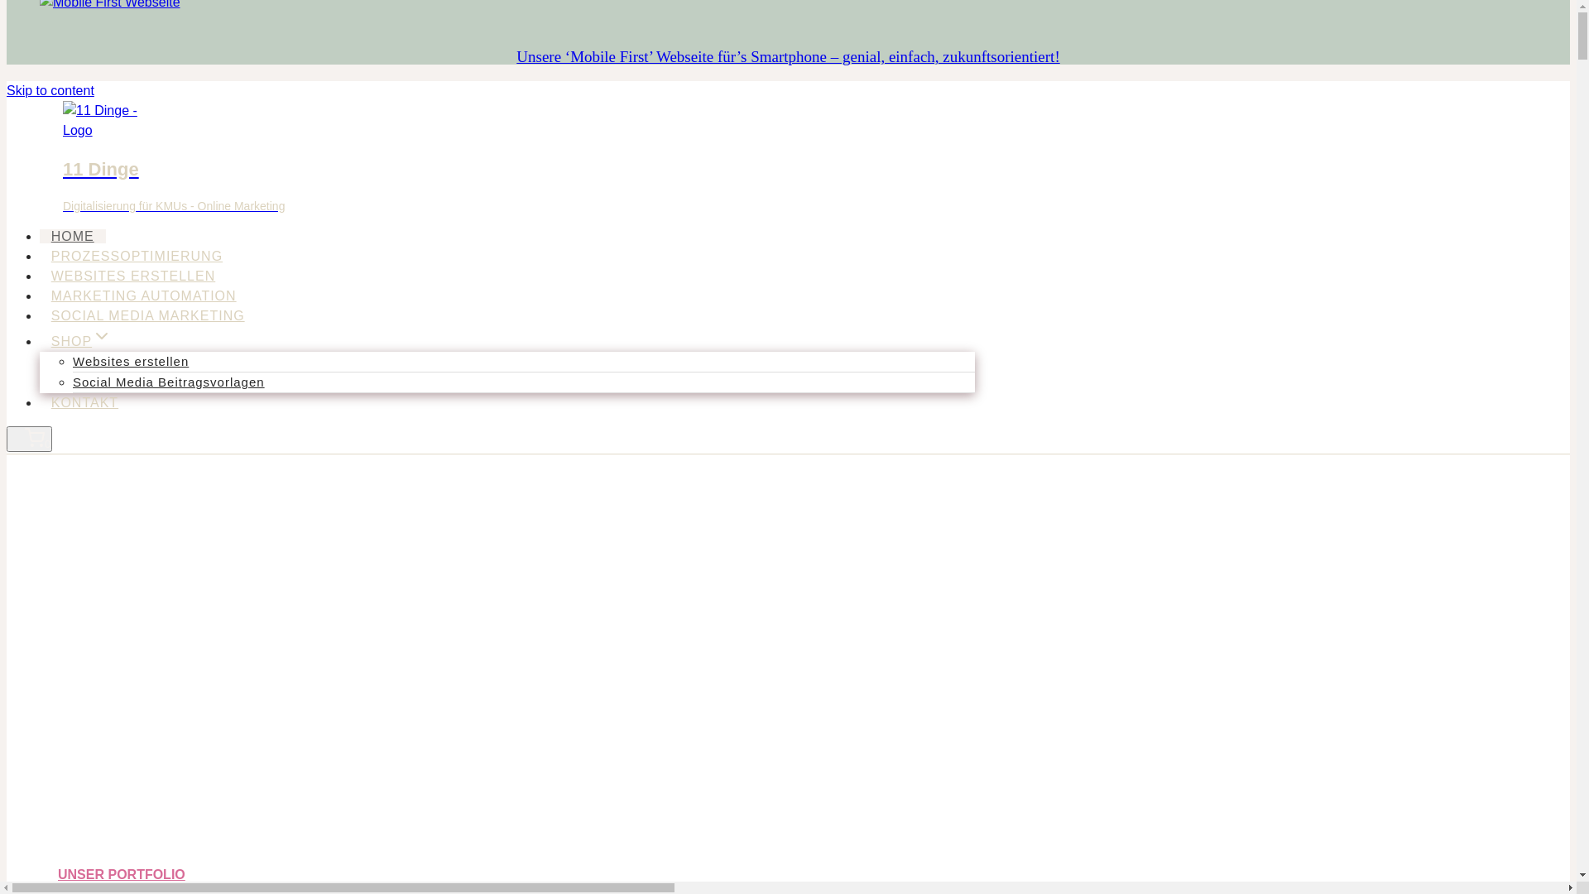 Image resolution: width=1589 pixels, height=894 pixels. I want to click on 'SHOPExpand', so click(80, 340).